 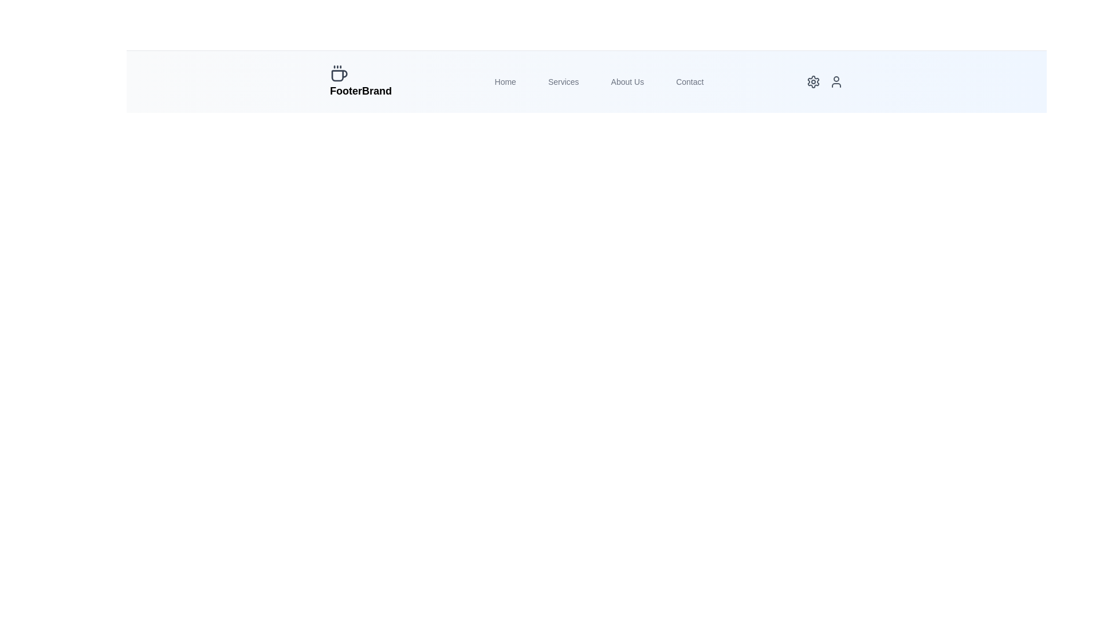 I want to click on the 'About Us' hyperlink located between 'Services' and 'Contact' in the navigation menu, so click(x=627, y=81).